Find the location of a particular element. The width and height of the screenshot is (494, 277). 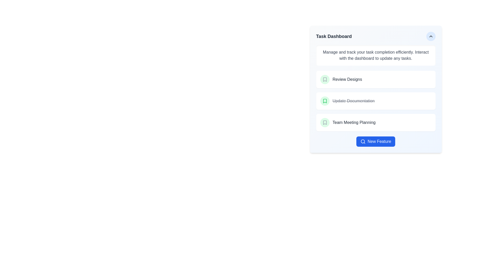

the static bookmark icon located in the third row of the 'Task Dashboard', corresponding to the 'Team Meeting Planning' entry is located at coordinates (324, 123).